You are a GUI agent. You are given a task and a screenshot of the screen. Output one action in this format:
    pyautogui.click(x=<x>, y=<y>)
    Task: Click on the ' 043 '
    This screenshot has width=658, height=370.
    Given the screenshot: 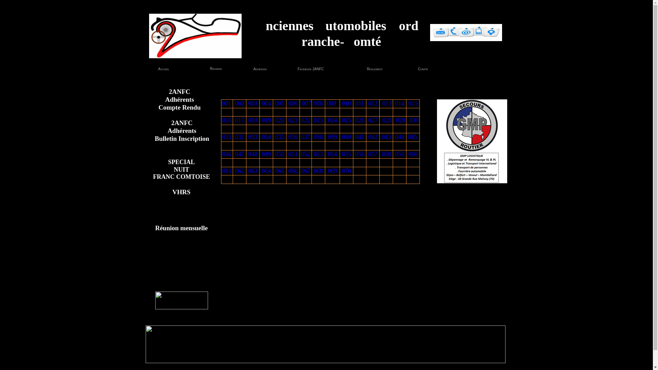 What is the action you would take?
    pyautogui.click(x=386, y=137)
    